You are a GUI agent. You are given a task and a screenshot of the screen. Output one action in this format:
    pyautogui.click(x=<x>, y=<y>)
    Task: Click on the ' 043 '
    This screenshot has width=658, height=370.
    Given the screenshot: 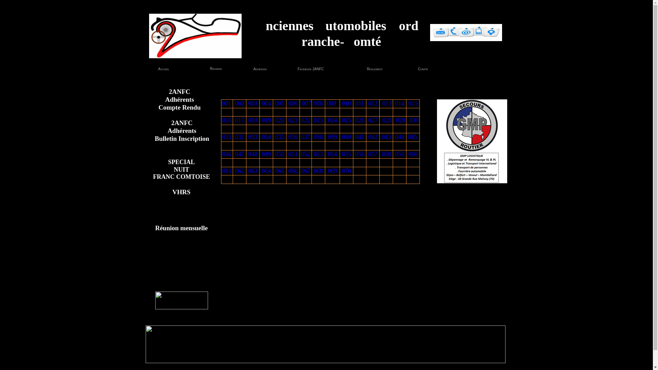 What is the action you would take?
    pyautogui.click(x=386, y=137)
    